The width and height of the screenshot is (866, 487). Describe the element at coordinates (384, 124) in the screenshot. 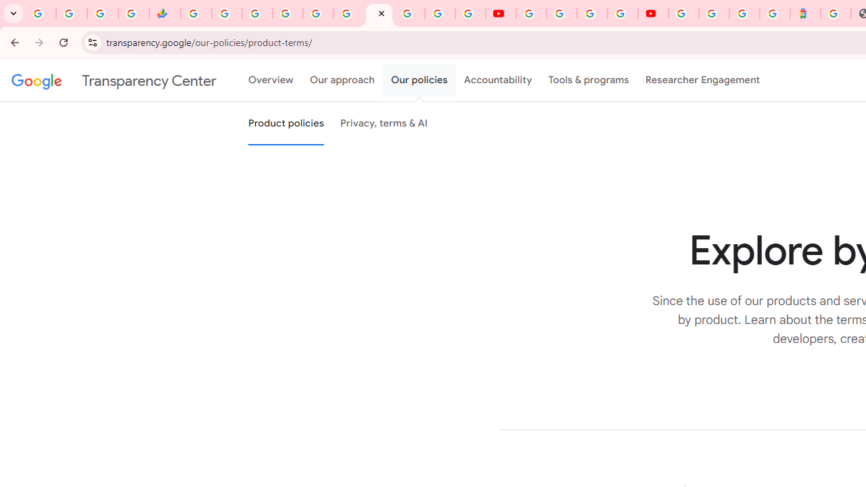

I see `'Privacy, terms & AI'` at that location.